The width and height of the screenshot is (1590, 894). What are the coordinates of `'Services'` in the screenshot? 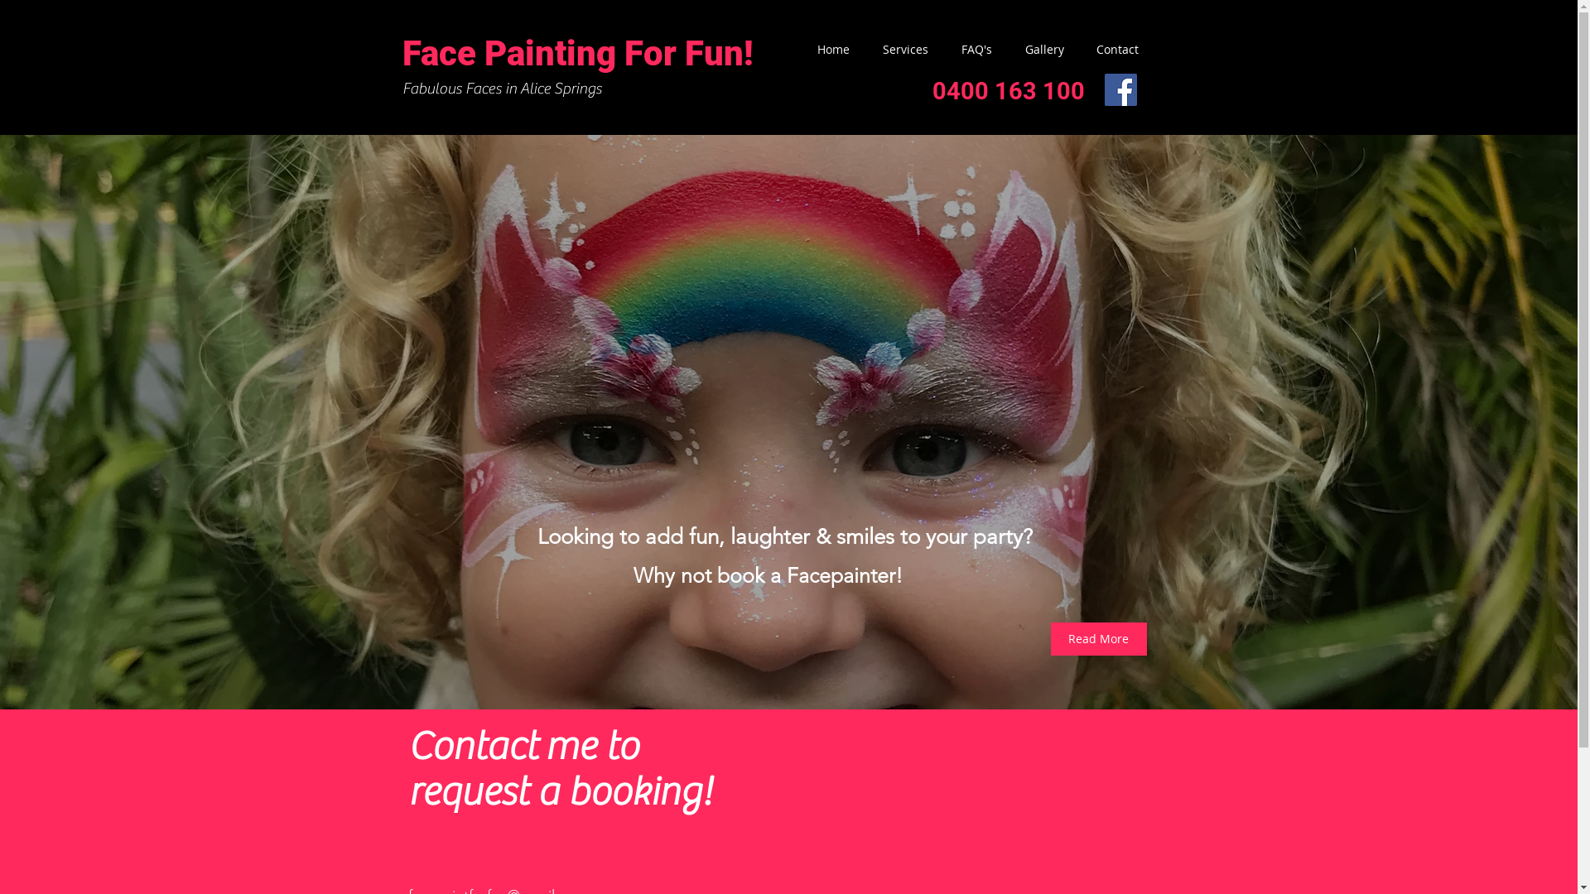 It's located at (858, 49).